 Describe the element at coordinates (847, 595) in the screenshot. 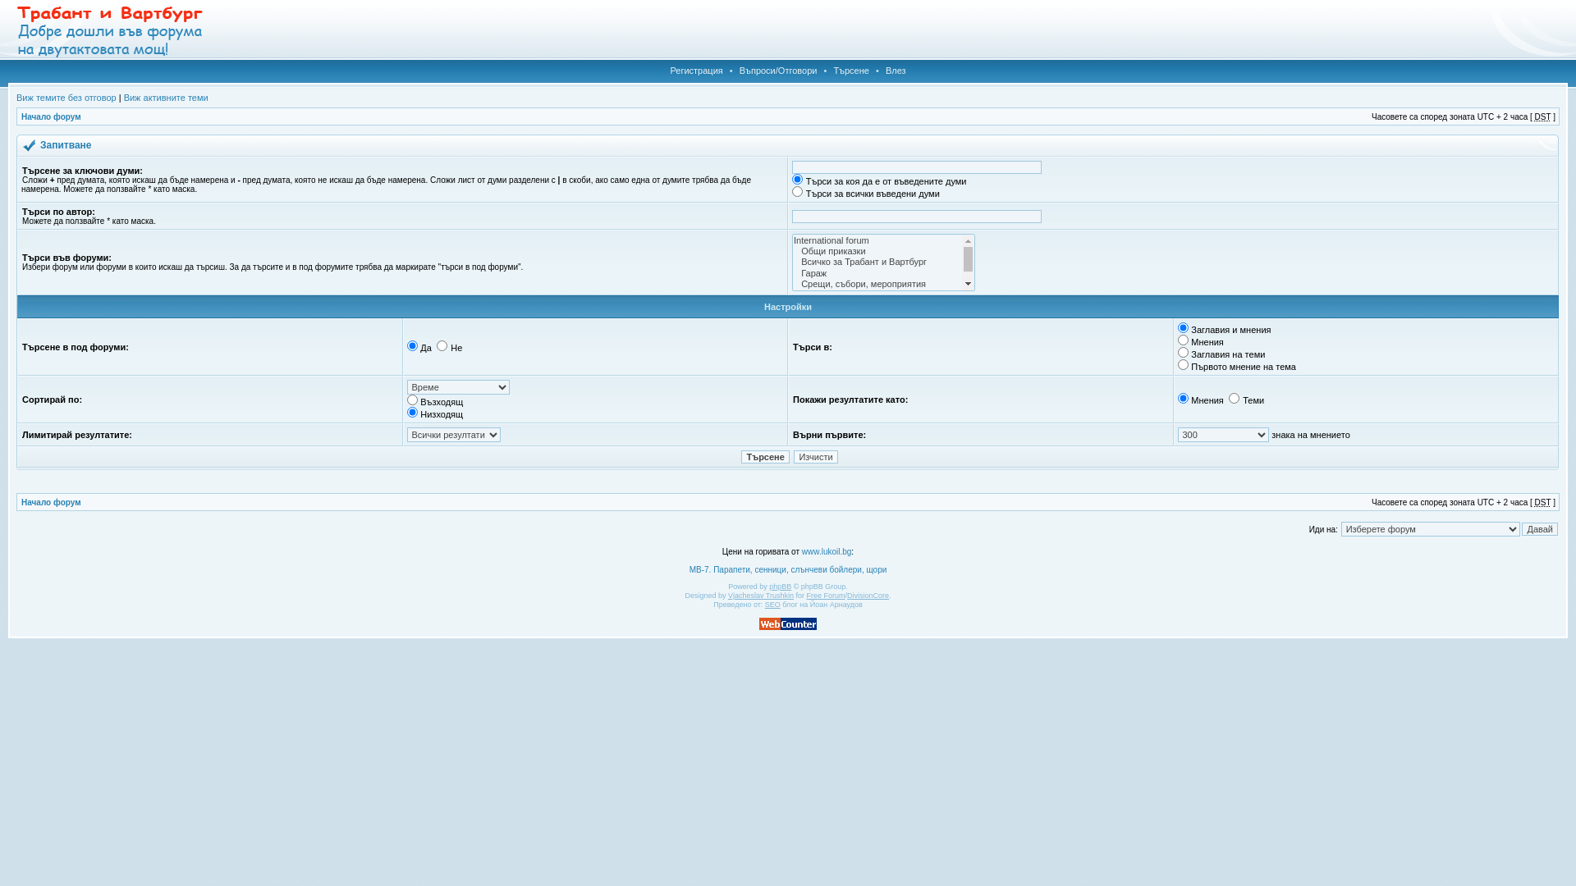

I see `'DivisionCore'` at that location.